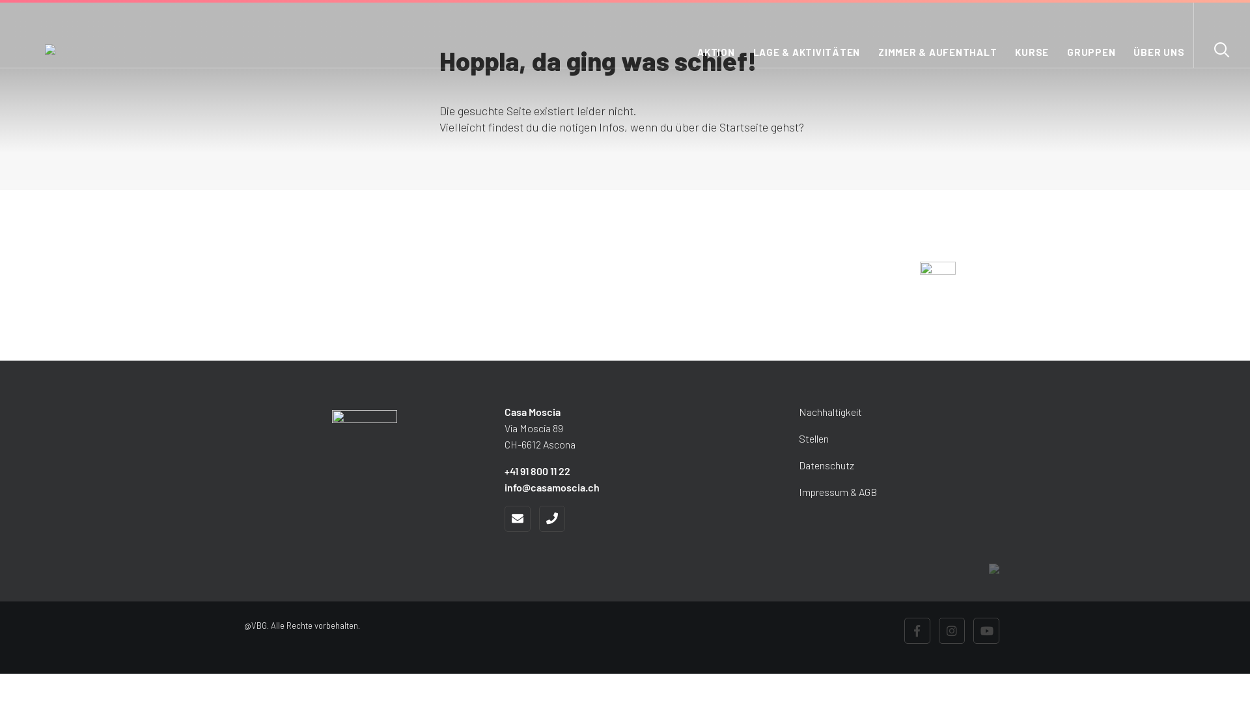  Describe the element at coordinates (796, 438) in the screenshot. I see `'Stellen'` at that location.